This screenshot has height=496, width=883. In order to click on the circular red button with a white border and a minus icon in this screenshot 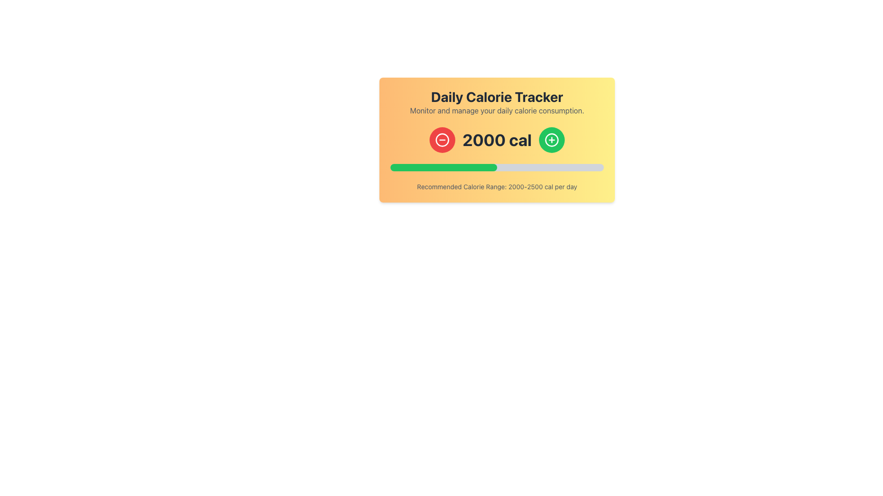, I will do `click(442, 140)`.